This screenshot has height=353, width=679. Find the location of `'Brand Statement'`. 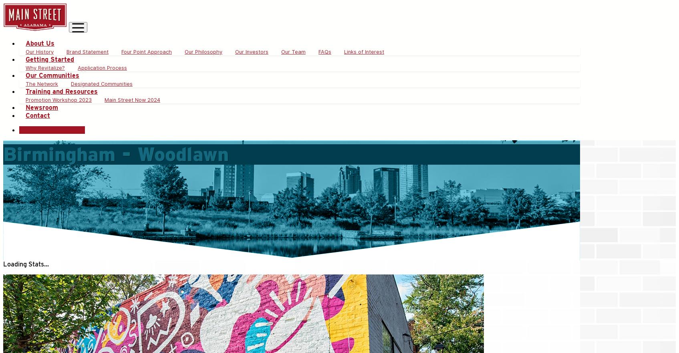

'Brand Statement' is located at coordinates (87, 52).